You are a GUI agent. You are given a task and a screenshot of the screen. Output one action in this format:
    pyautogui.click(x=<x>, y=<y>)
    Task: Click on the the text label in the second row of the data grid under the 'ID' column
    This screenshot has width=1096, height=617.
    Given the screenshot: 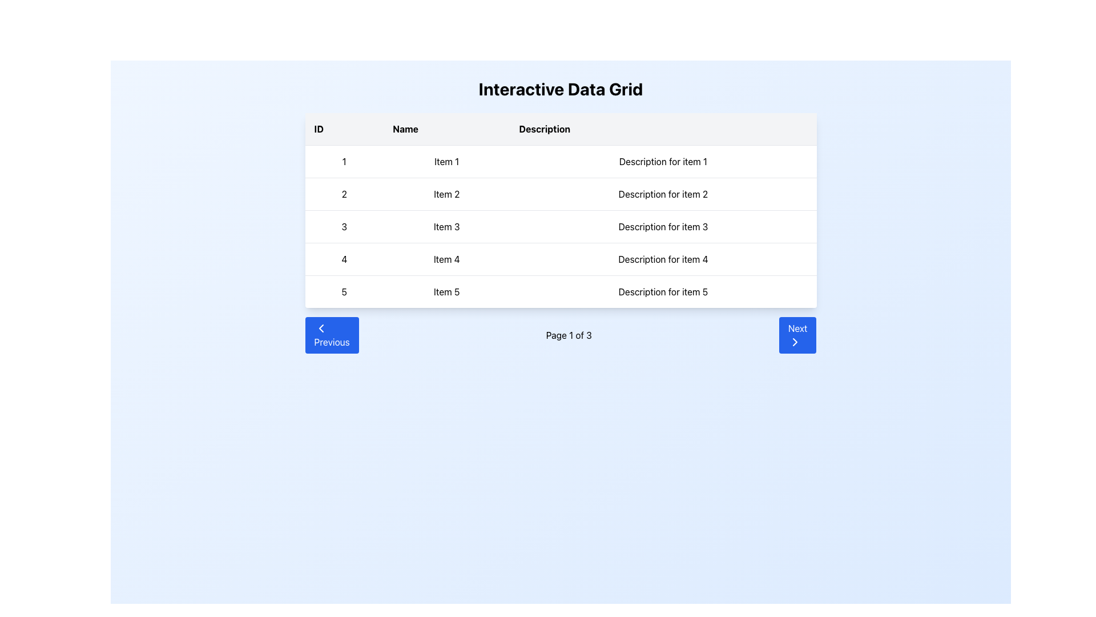 What is the action you would take?
    pyautogui.click(x=344, y=193)
    